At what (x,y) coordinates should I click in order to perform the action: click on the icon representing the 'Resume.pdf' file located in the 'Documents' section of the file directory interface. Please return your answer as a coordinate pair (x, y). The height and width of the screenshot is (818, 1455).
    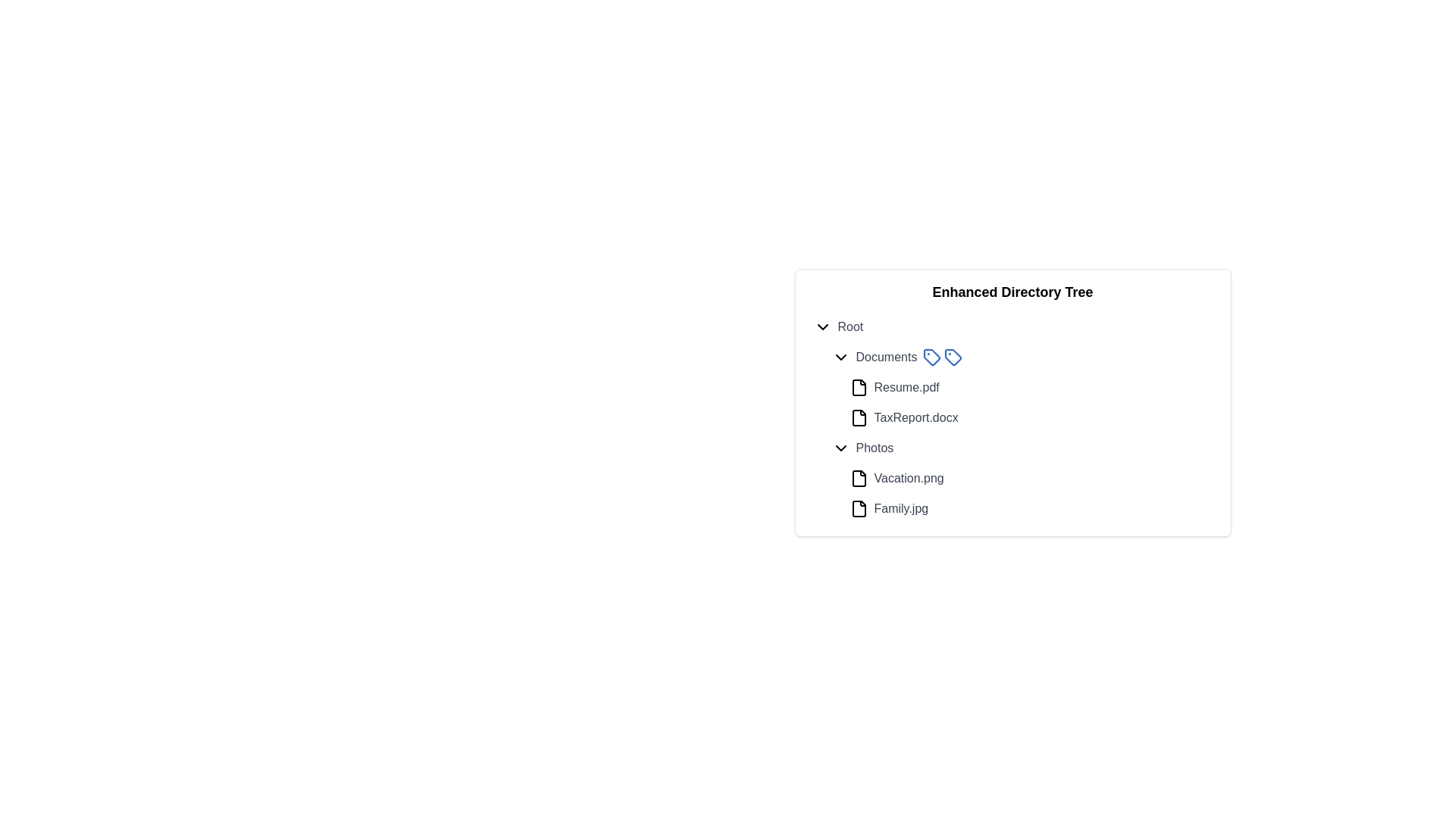
    Looking at the image, I should click on (859, 387).